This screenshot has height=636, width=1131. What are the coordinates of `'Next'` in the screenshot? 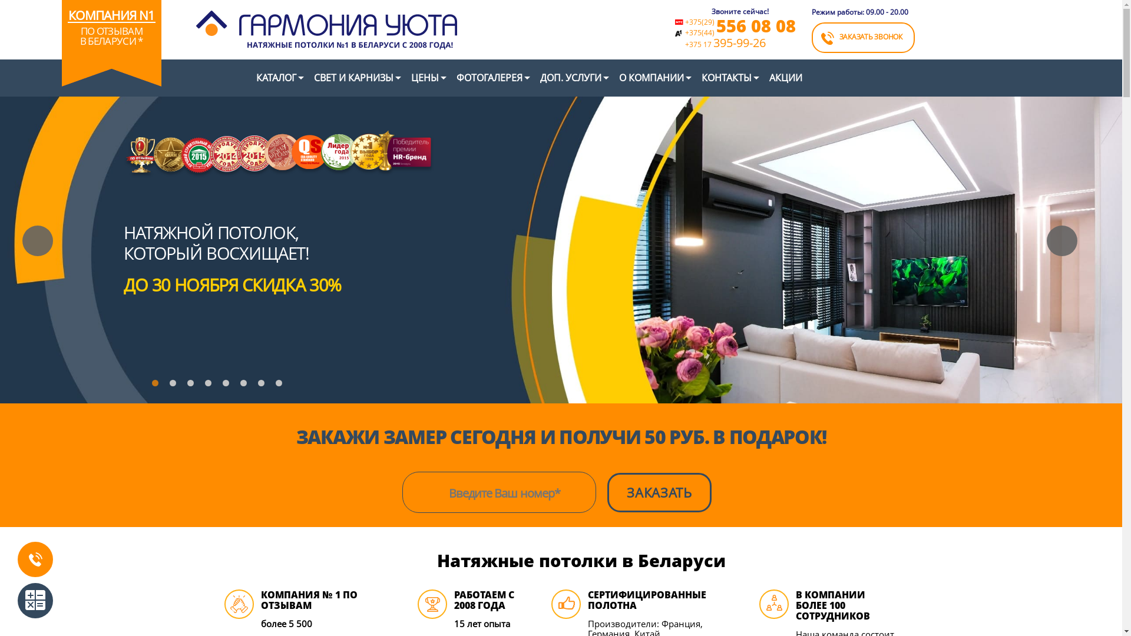 It's located at (1062, 240).